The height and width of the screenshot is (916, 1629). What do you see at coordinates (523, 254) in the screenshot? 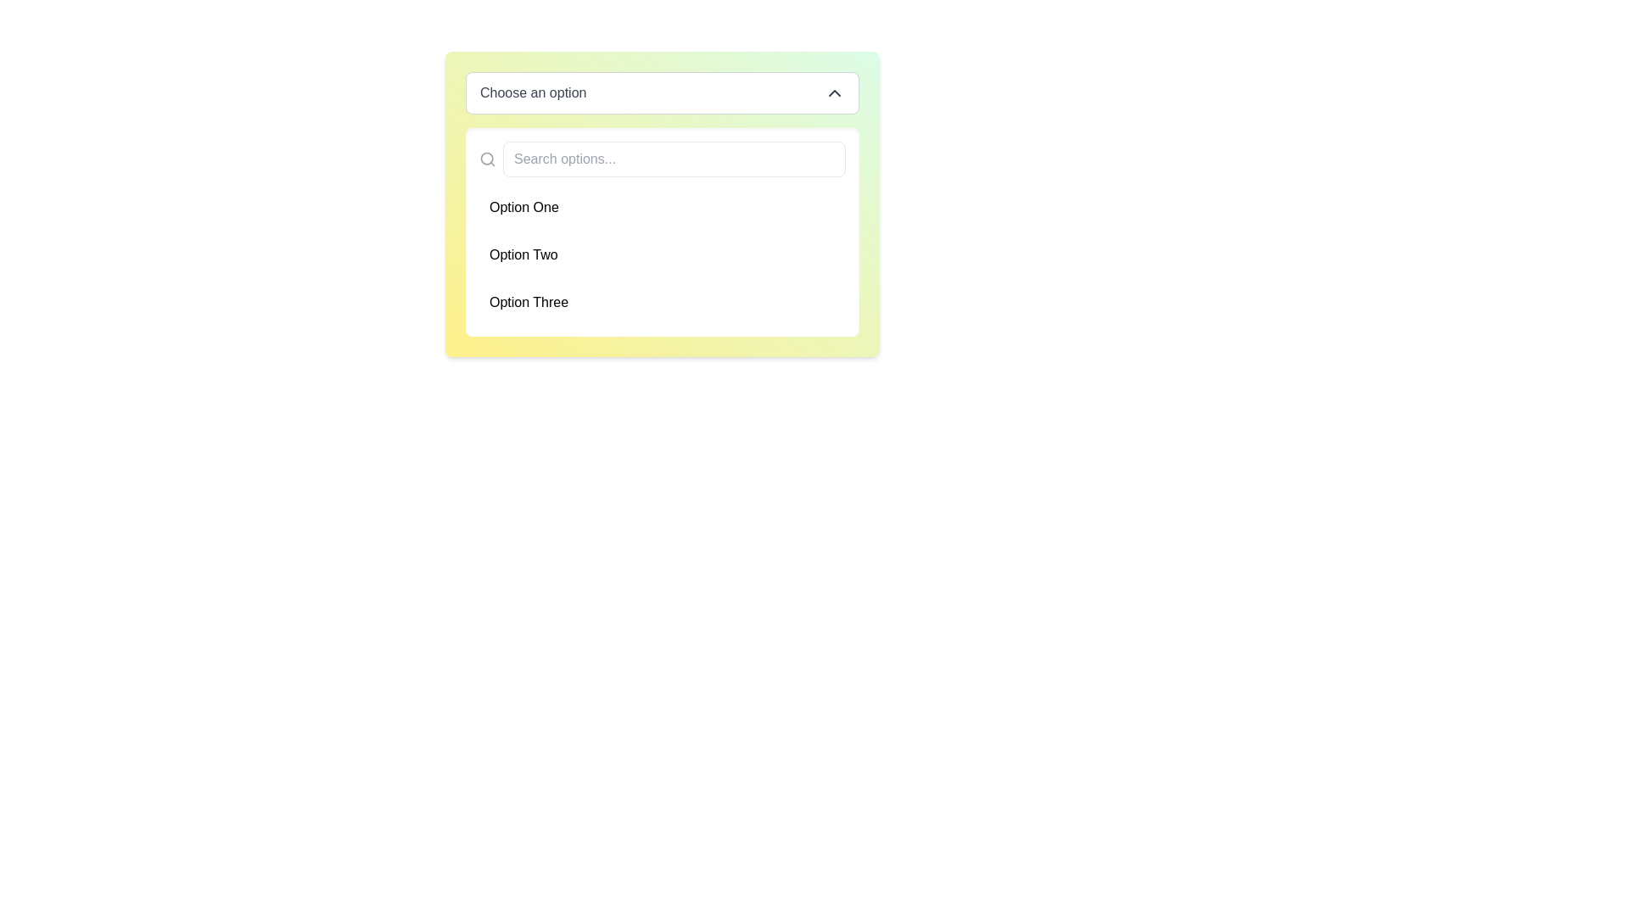
I see `the 'Option Two' text-based clickable option in the dropdown list` at bounding box center [523, 254].